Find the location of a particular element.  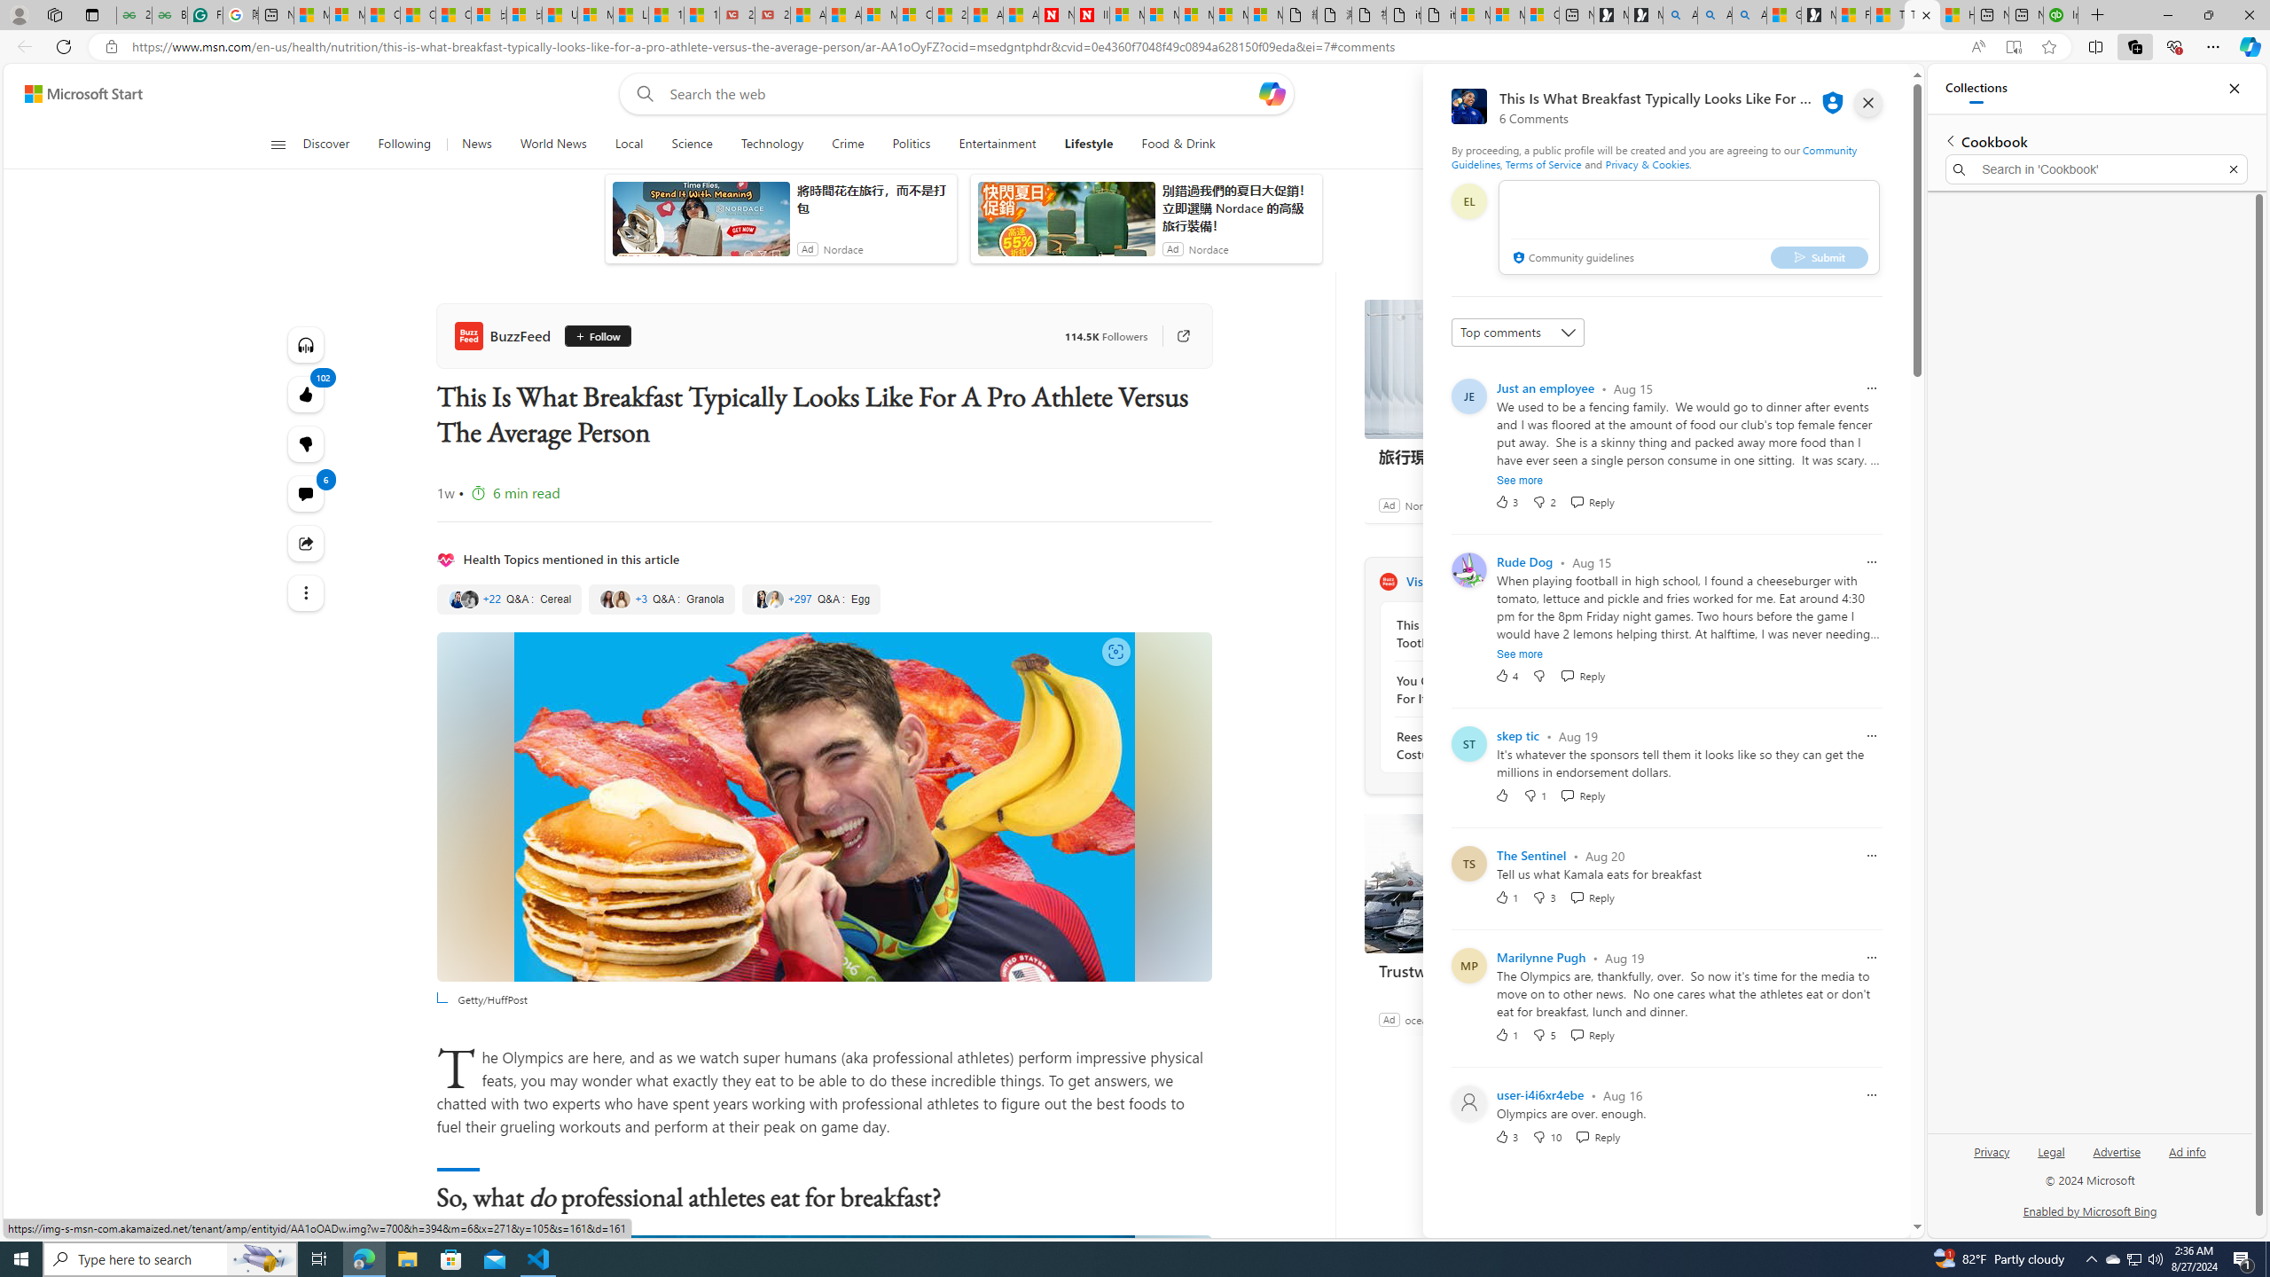

'Getty/HuffPost' is located at coordinates (824, 806).